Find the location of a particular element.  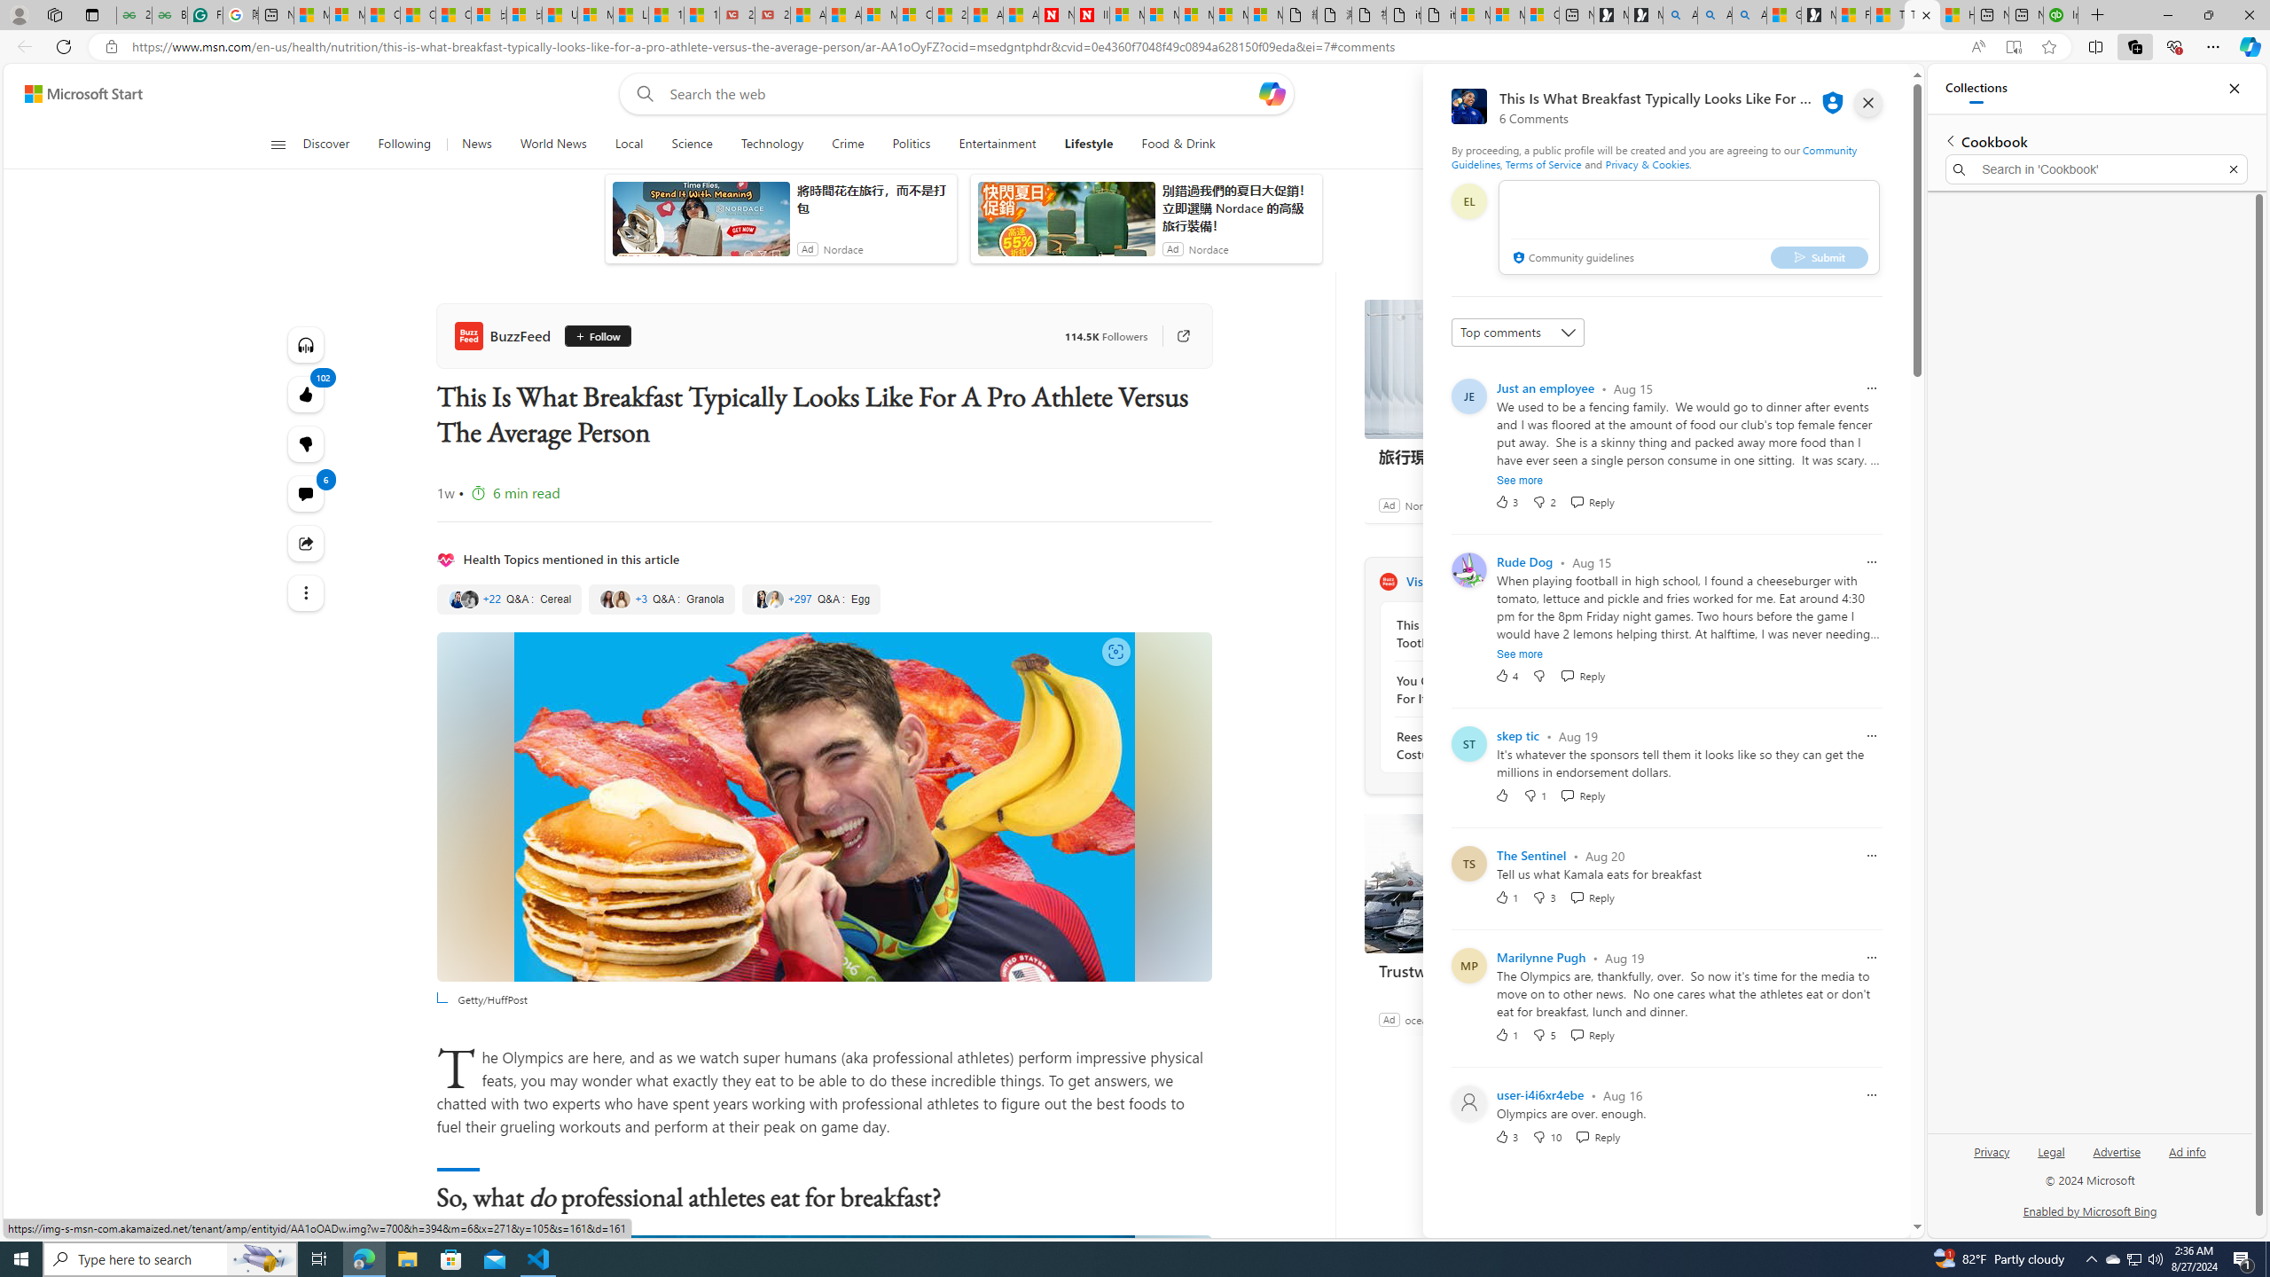

'Getty/HuffPost' is located at coordinates (824, 806).